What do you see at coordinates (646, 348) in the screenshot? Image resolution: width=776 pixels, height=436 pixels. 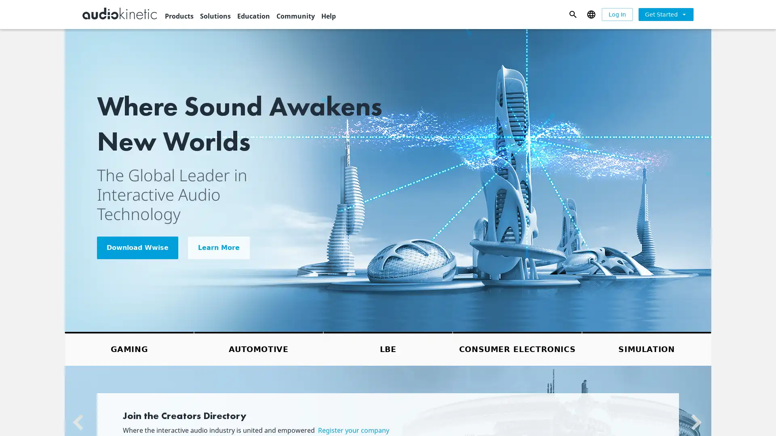 I see `SIMULATION` at bounding box center [646, 348].